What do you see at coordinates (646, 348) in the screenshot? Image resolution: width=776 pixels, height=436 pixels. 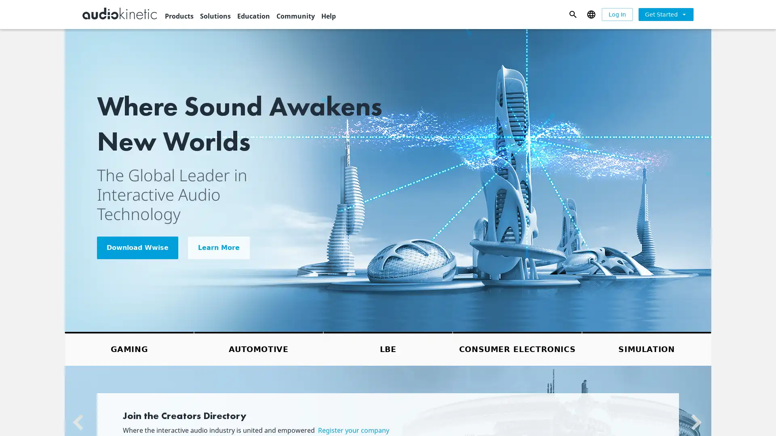 I see `SIMULATION` at bounding box center [646, 348].